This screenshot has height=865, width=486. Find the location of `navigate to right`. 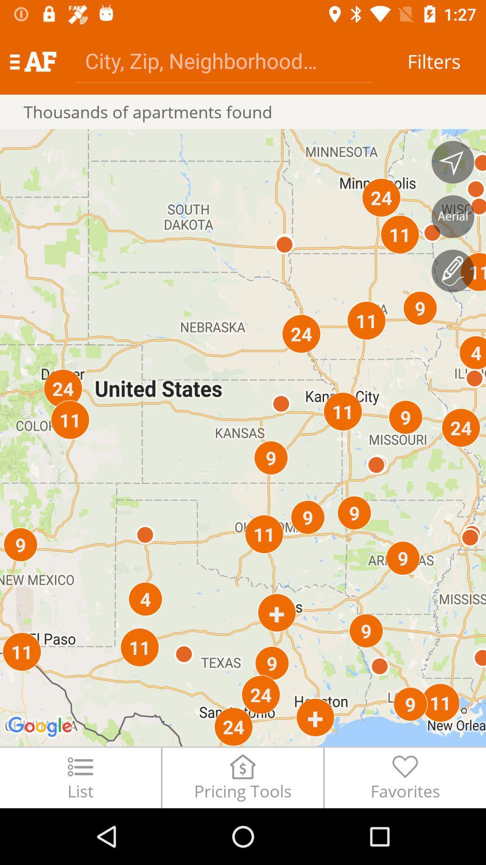

navigate to right is located at coordinates (453, 162).